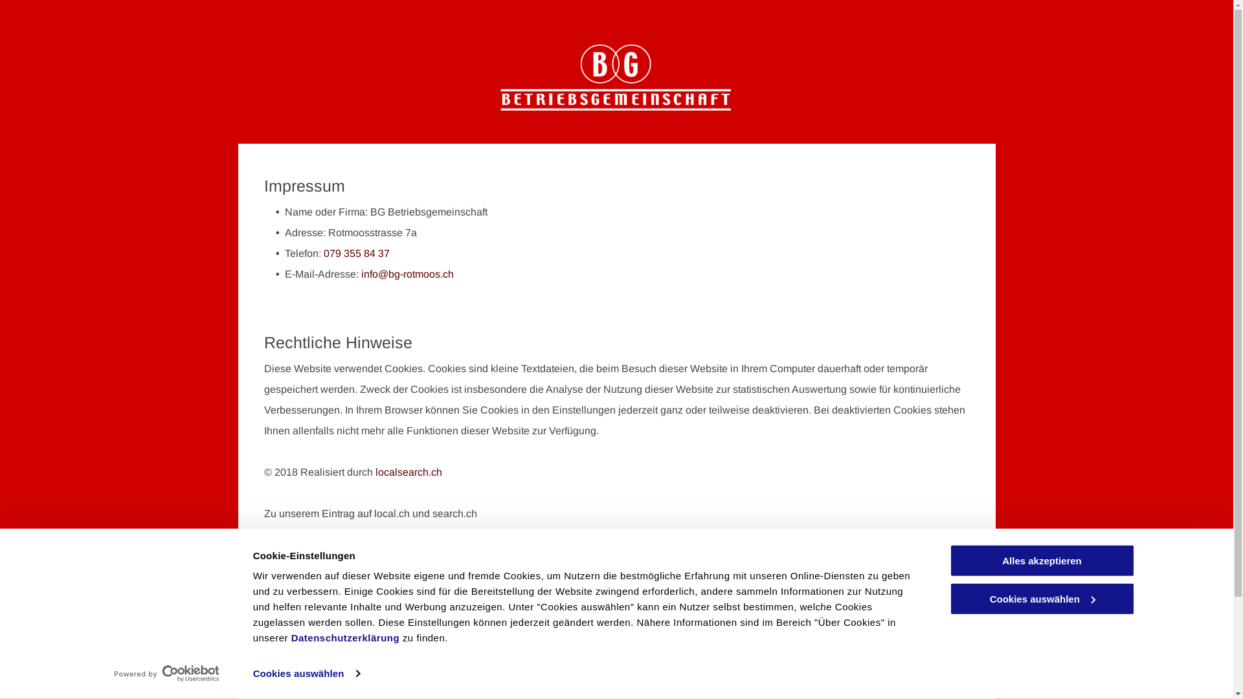 The width and height of the screenshot is (1243, 699). I want to click on 'localsearch.ch', so click(408, 472).